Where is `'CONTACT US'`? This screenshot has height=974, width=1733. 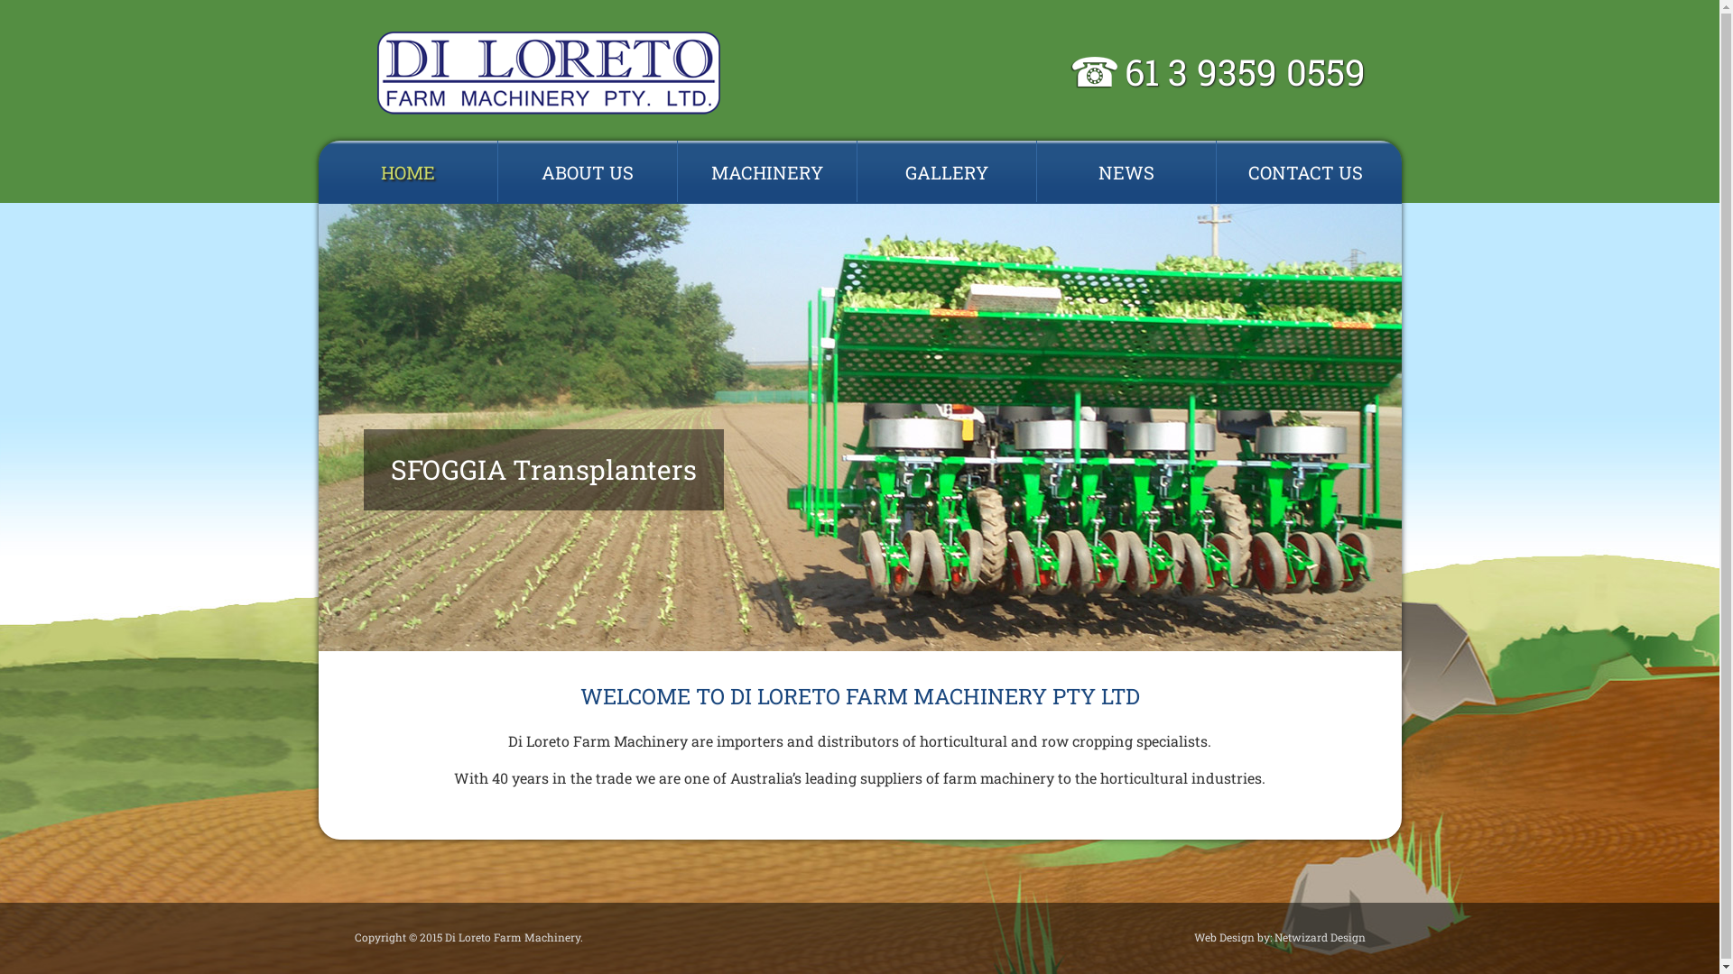 'CONTACT US' is located at coordinates (1246, 172).